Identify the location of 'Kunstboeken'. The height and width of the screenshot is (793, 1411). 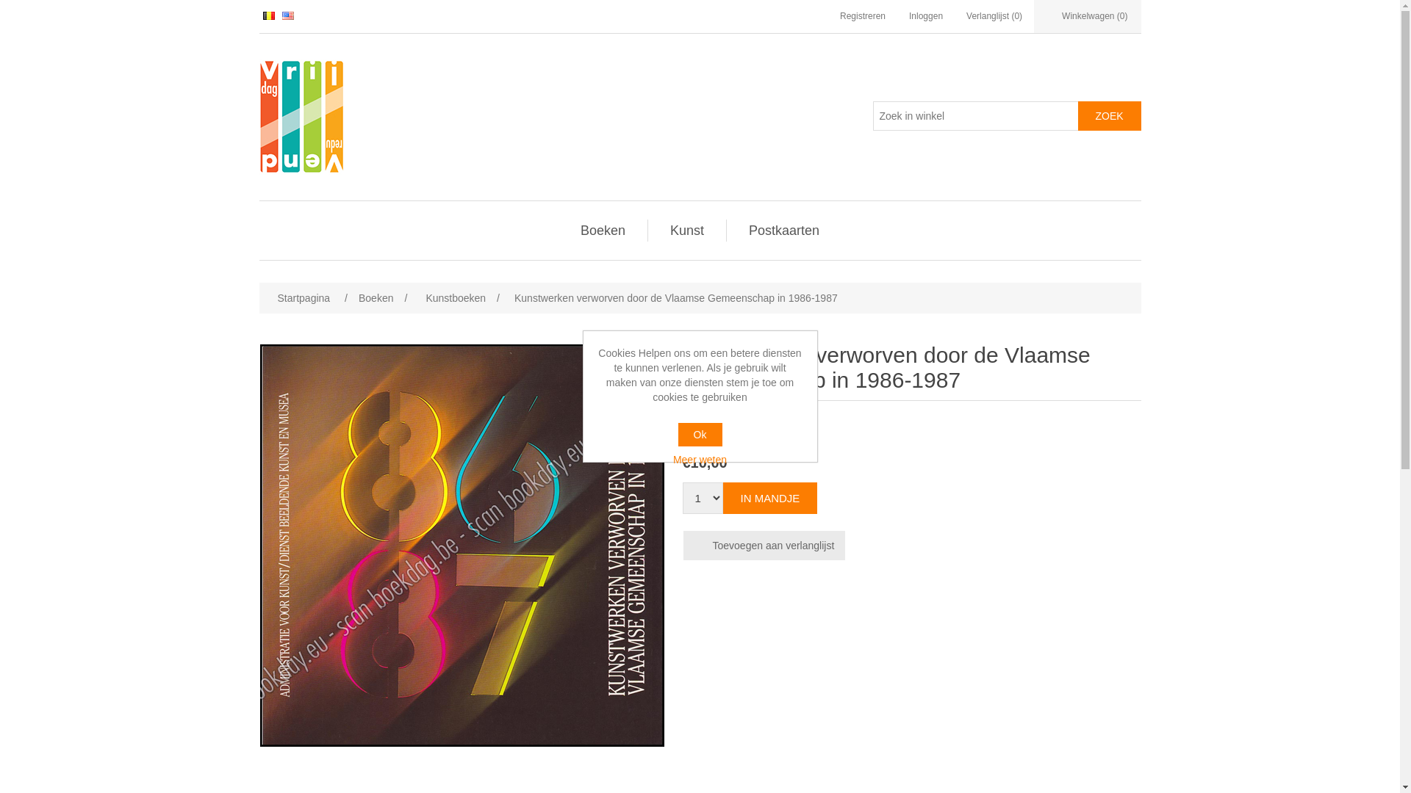
(421, 297).